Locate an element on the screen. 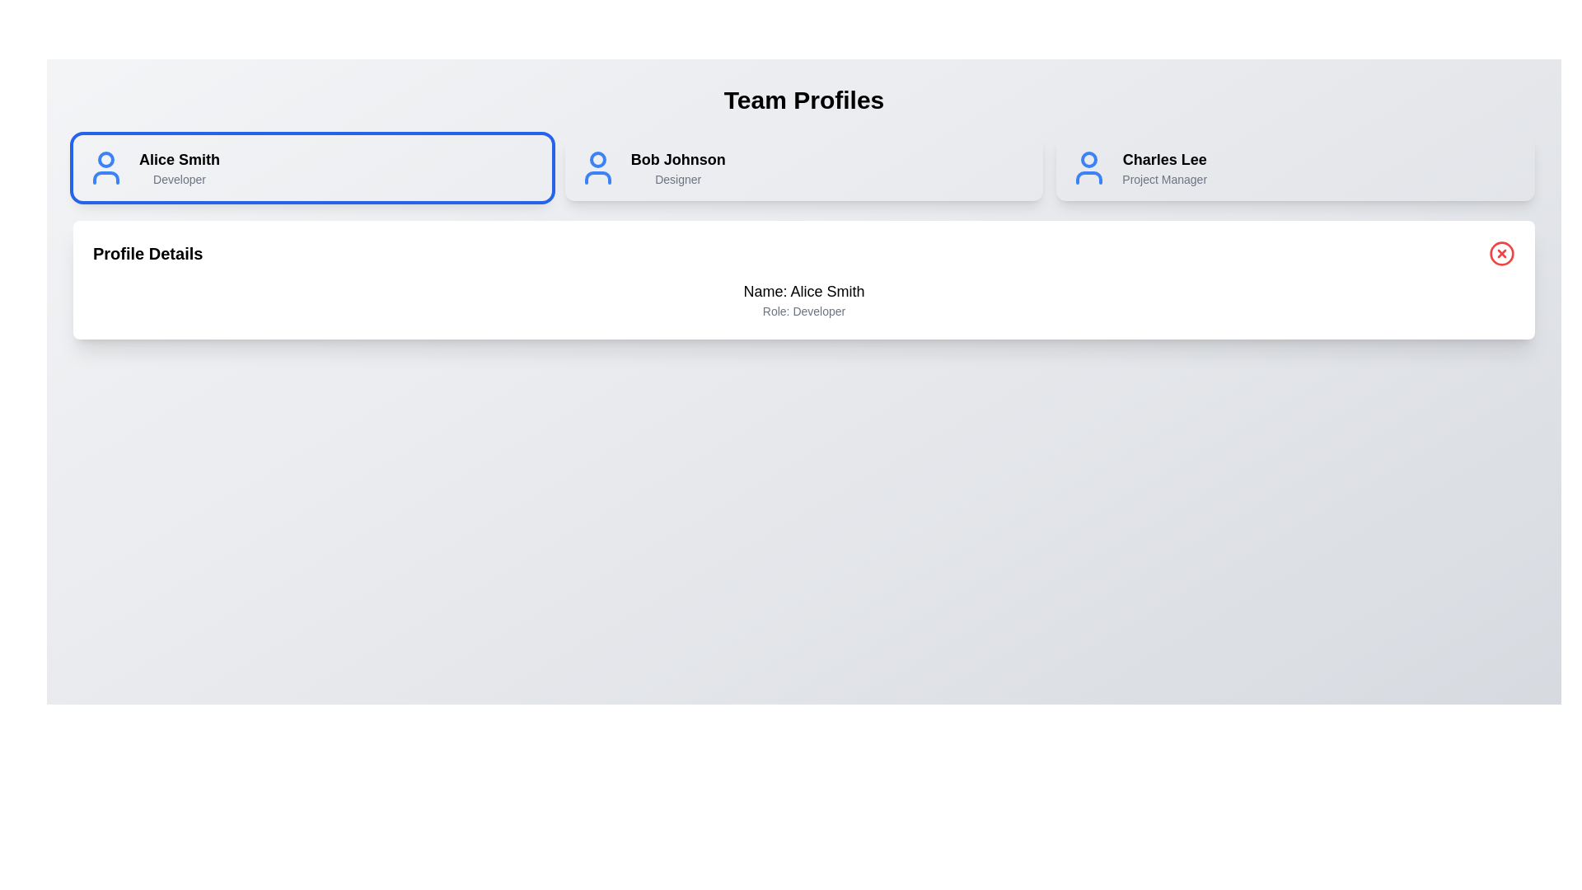 The image size is (1582, 890). SVG circle element representing the user profile icon for 'Charles Lee' located in the top-right section of the interface for debugging purposes is located at coordinates (1089, 159).